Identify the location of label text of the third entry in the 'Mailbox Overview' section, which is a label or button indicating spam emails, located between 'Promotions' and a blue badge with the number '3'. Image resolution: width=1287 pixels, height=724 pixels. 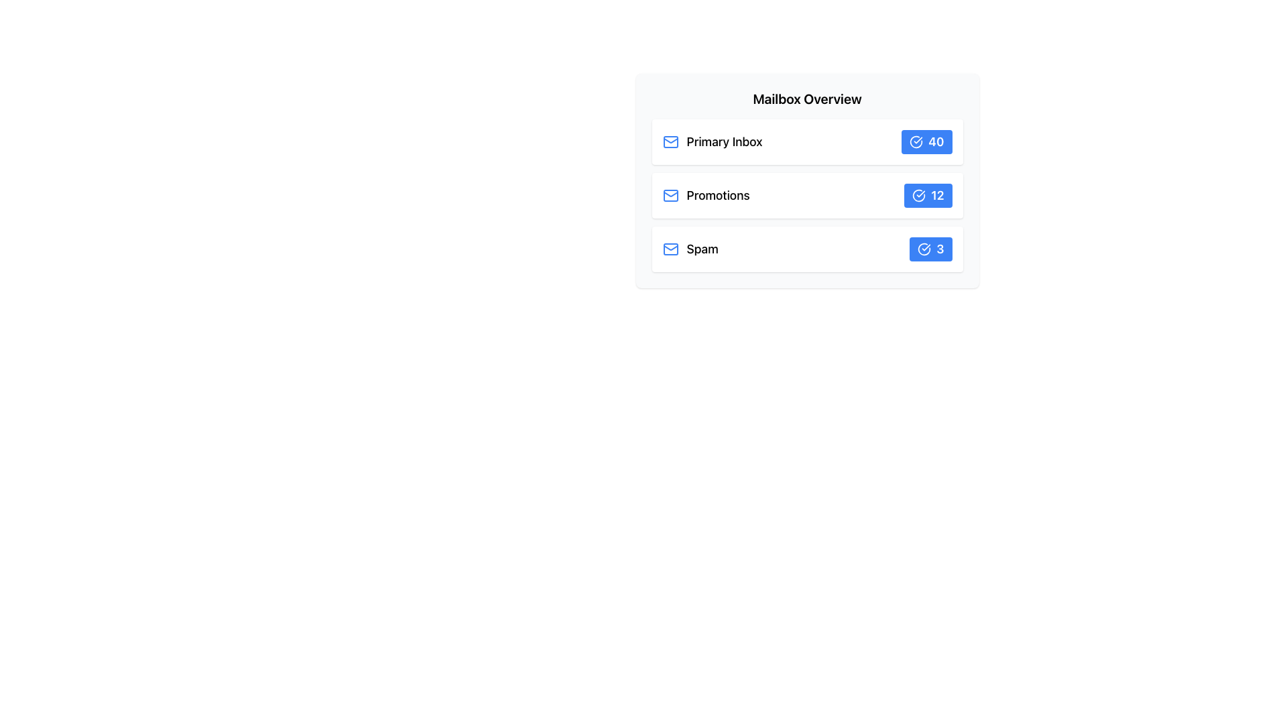
(690, 249).